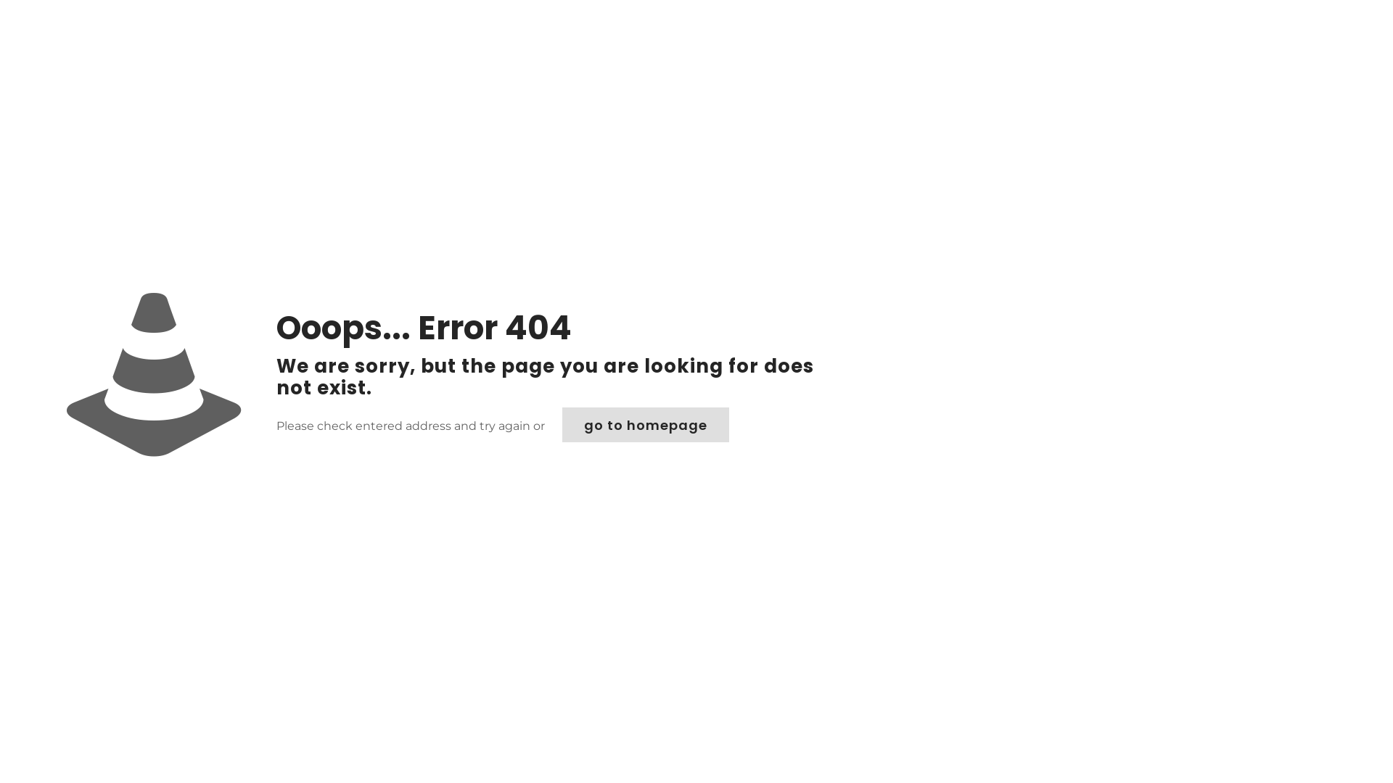 Image resolution: width=1393 pixels, height=783 pixels. What do you see at coordinates (644, 424) in the screenshot?
I see `'go to homepage'` at bounding box center [644, 424].